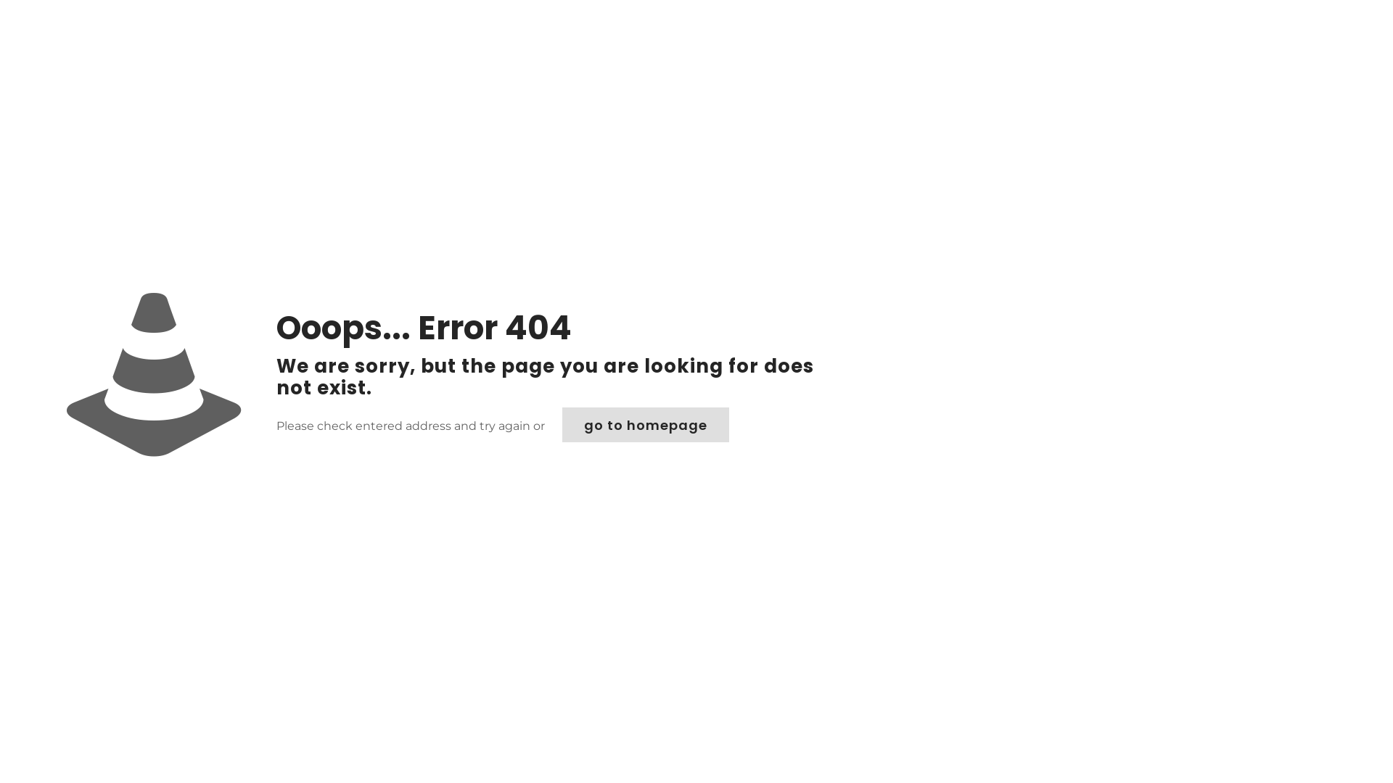 Image resolution: width=1393 pixels, height=783 pixels. What do you see at coordinates (644, 424) in the screenshot?
I see `'go to homepage'` at bounding box center [644, 424].